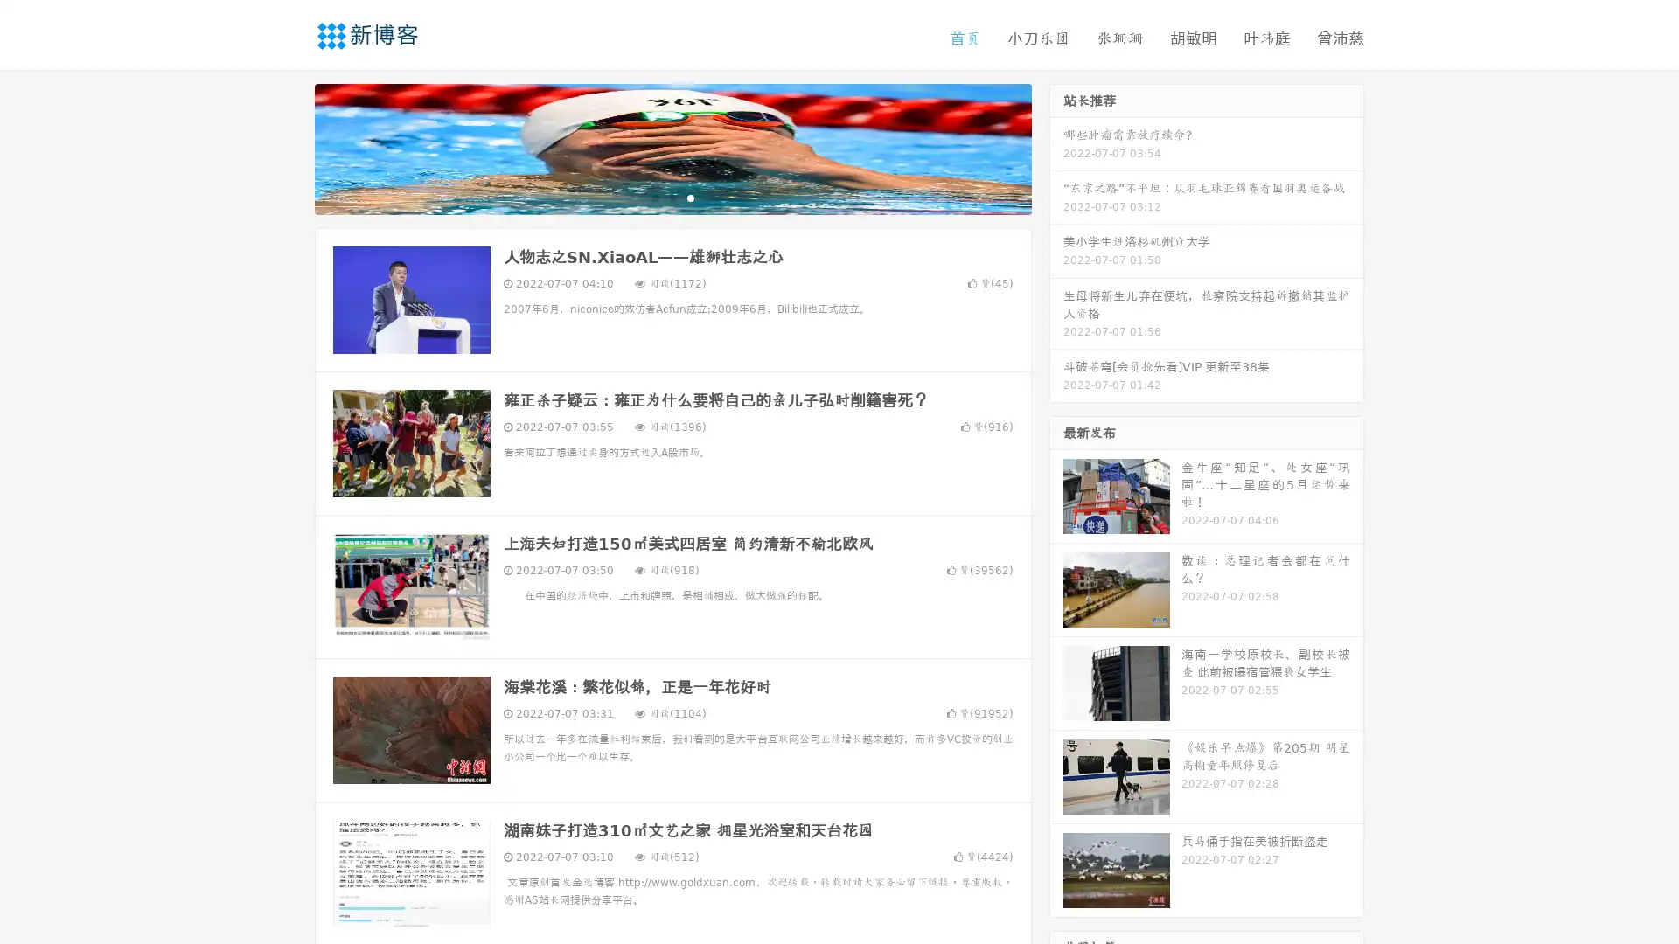 The image size is (1679, 944). Describe the element at coordinates (672, 197) in the screenshot. I see `Go to slide 2` at that location.